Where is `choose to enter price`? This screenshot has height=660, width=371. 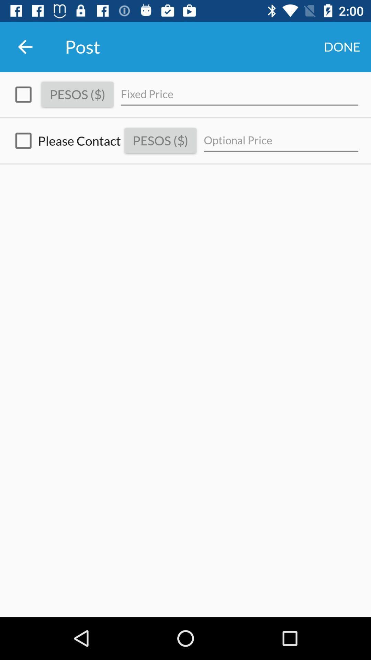
choose to enter price is located at coordinates (23, 94).